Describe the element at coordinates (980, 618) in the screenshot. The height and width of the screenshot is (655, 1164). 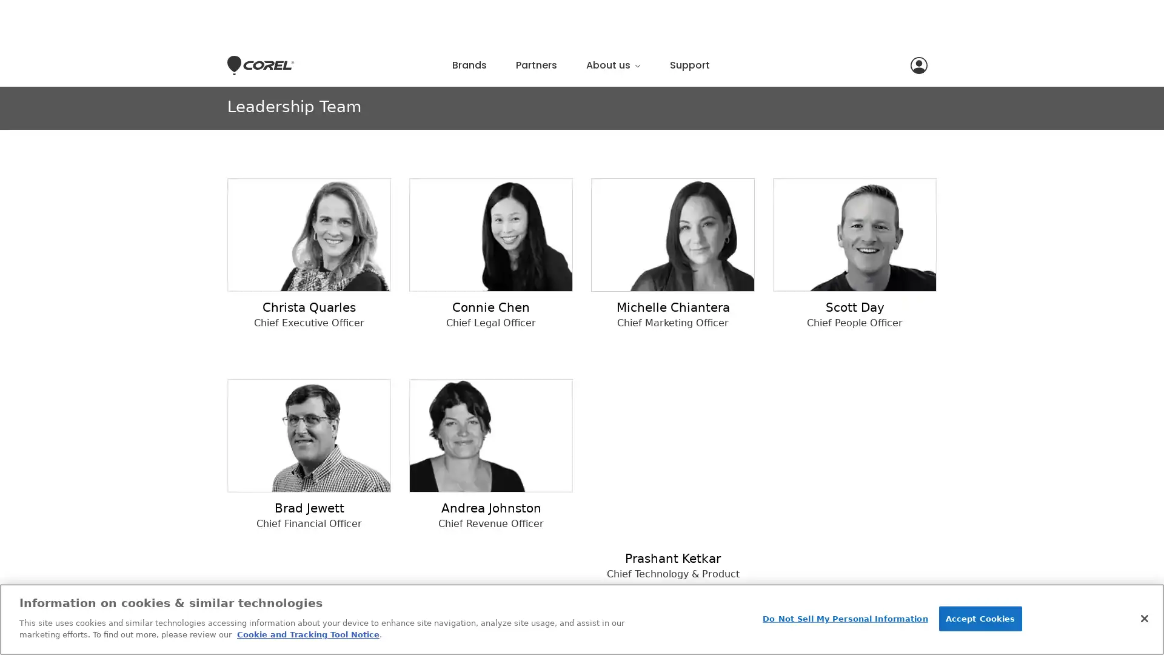
I see `Accept Cookies` at that location.